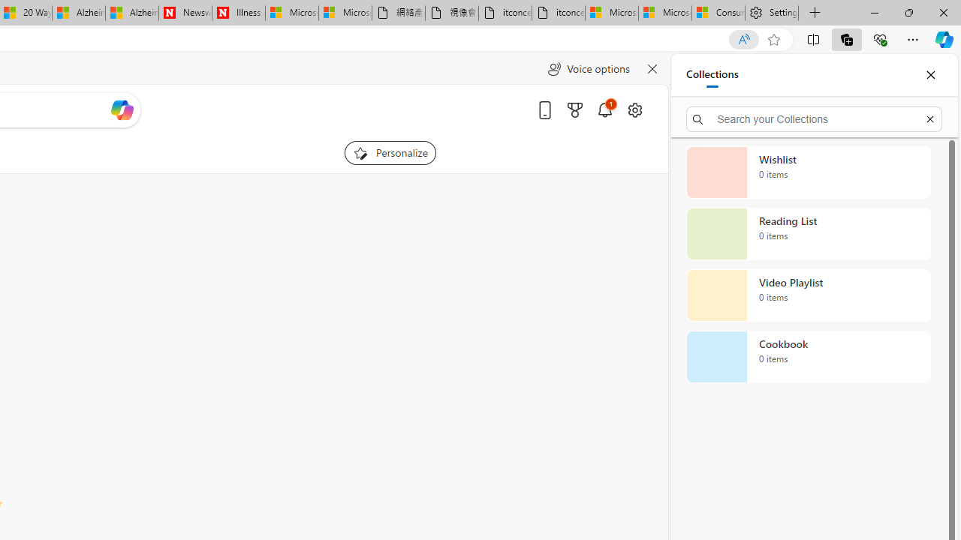 Image resolution: width=961 pixels, height=540 pixels. I want to click on 'Newsweek - News, Analysis, Politics, Business, Technology', so click(185, 13).